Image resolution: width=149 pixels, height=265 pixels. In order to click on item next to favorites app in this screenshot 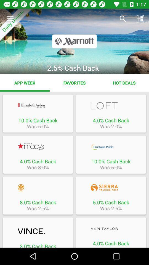, I will do `click(124, 83)`.